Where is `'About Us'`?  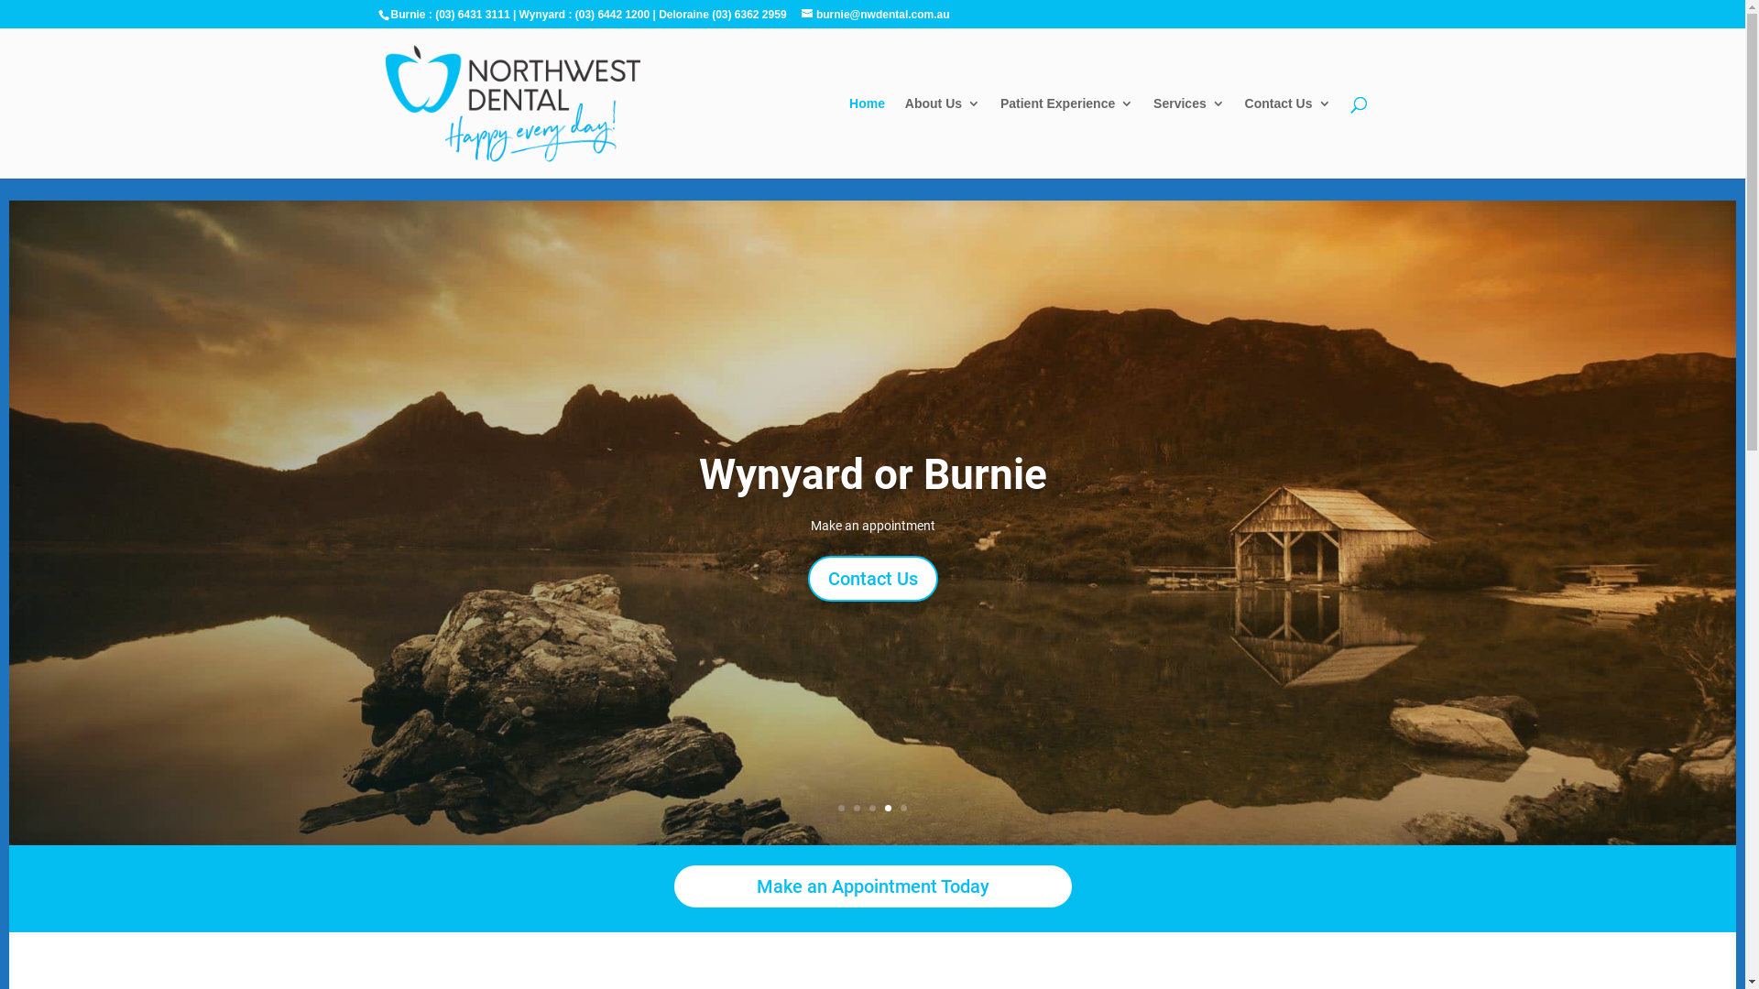
'About Us' is located at coordinates (942, 136).